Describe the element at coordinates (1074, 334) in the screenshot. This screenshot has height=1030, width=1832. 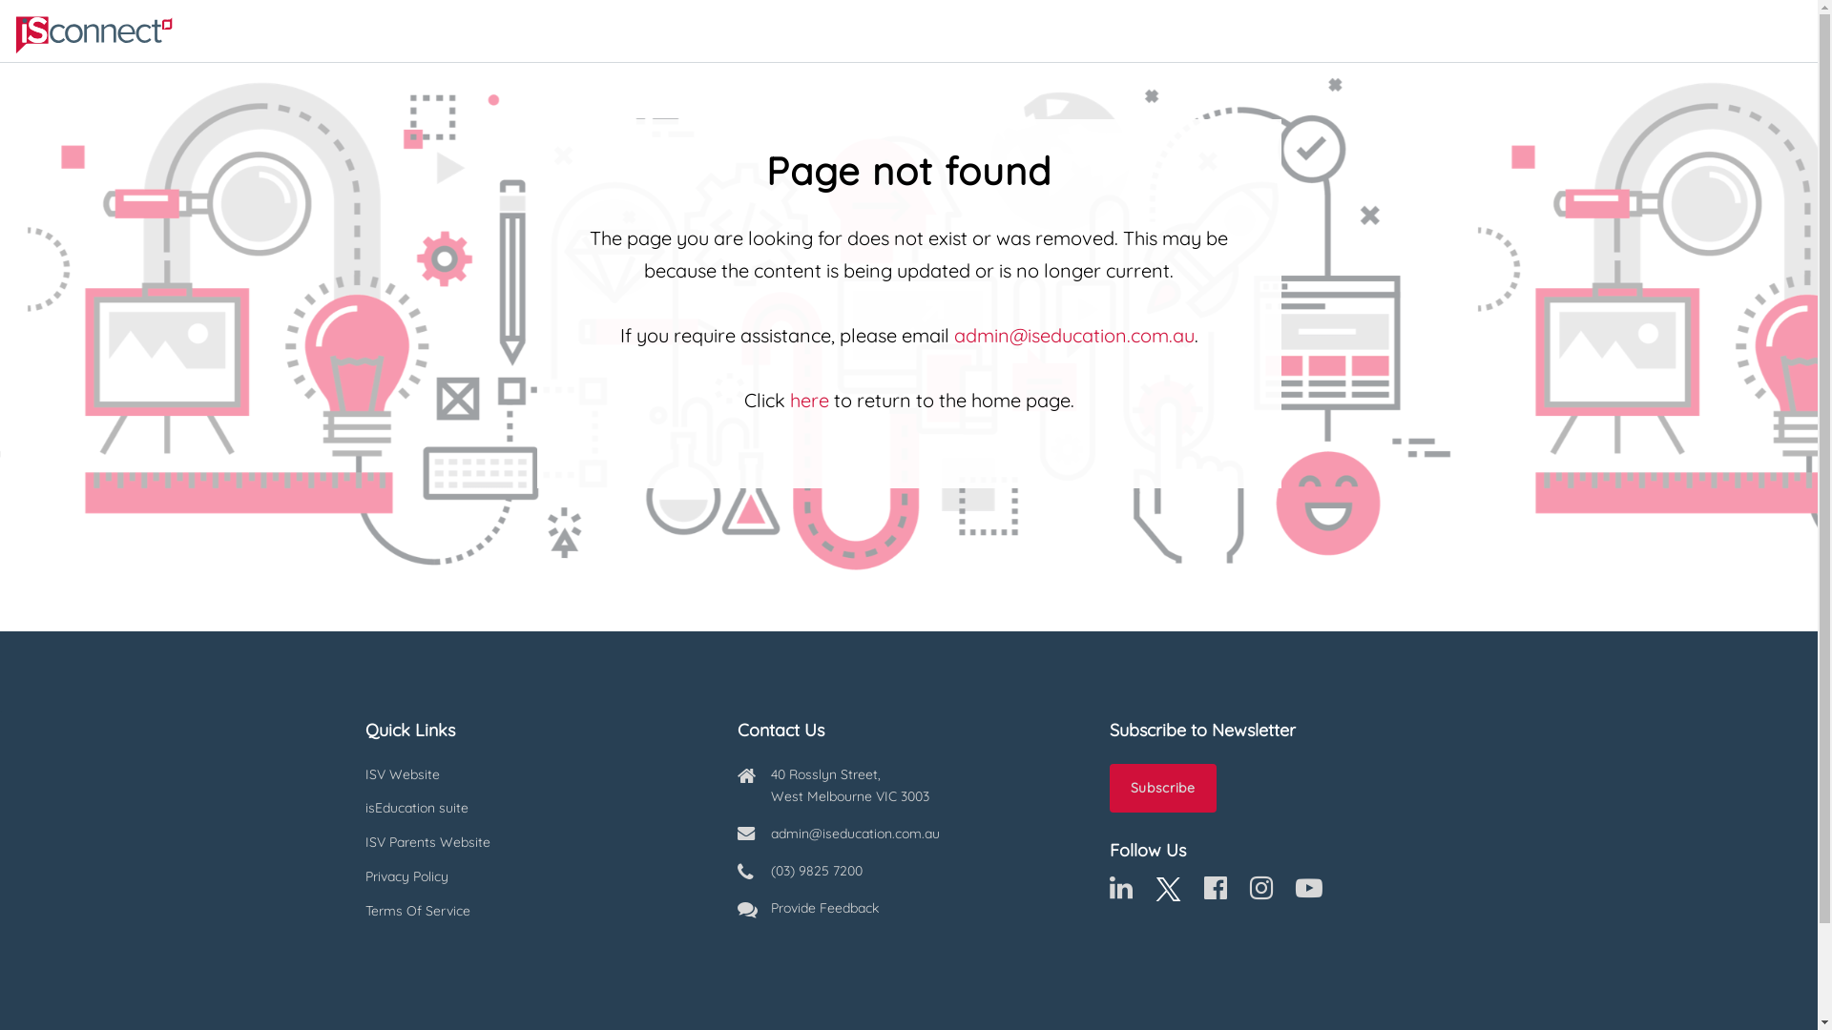
I see `'admin@iseducation.com.au'` at that location.